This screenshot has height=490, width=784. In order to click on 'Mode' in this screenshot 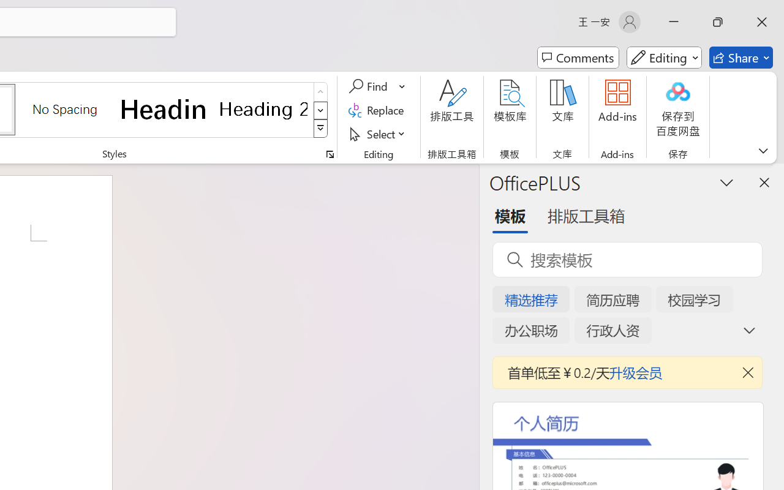, I will do `click(663, 58)`.